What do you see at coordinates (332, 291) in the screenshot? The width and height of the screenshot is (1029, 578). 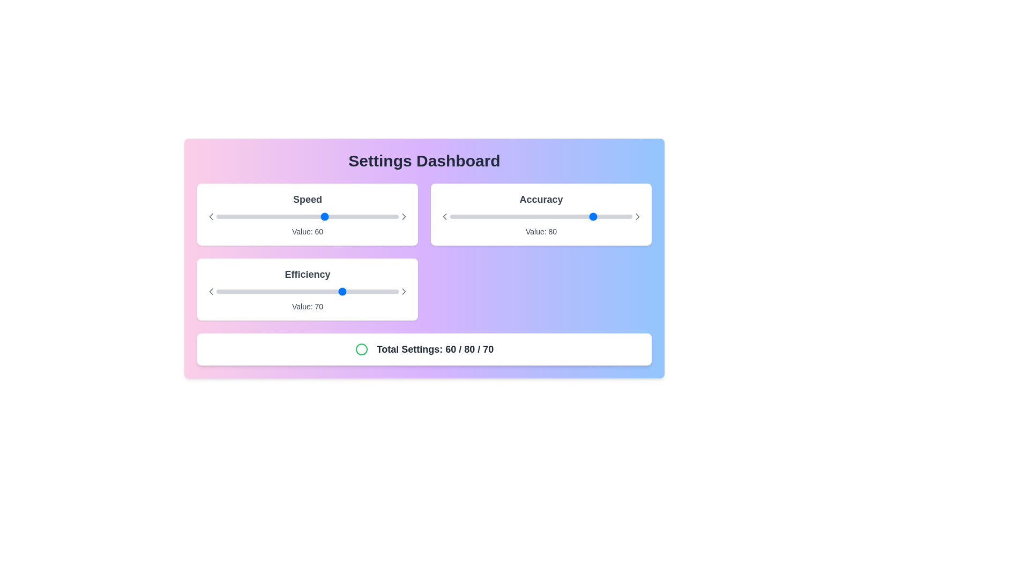 I see `efficiency` at bounding box center [332, 291].